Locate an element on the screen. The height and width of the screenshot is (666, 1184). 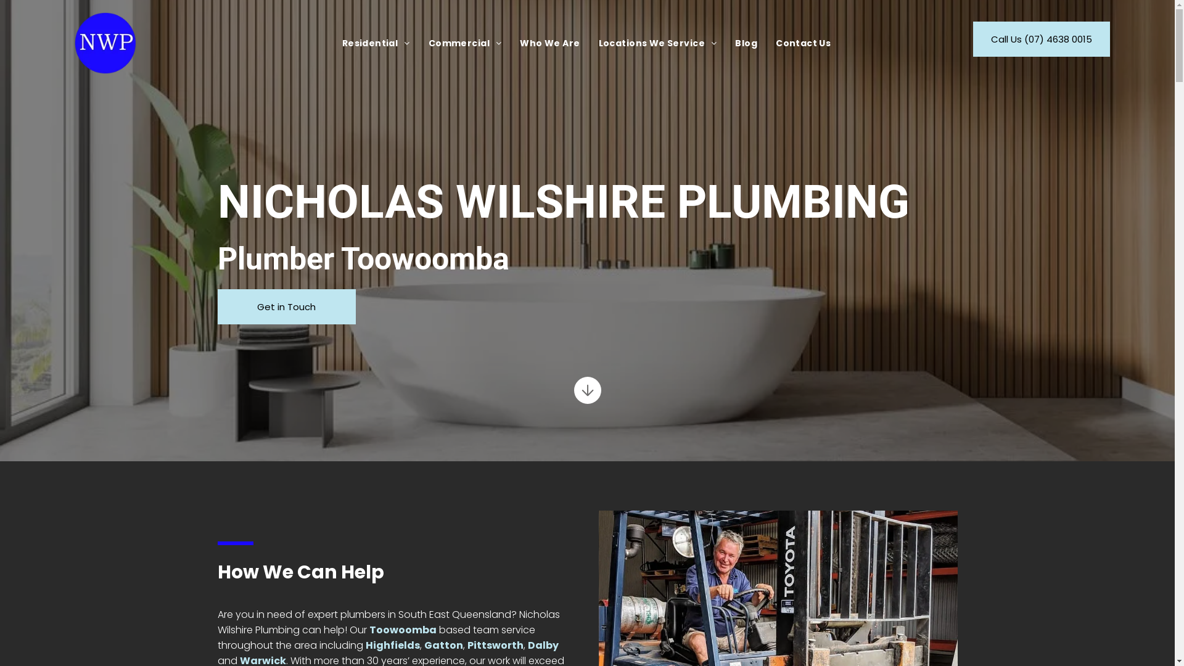
'Call Us (07) 4638 0015' is located at coordinates (972, 38).